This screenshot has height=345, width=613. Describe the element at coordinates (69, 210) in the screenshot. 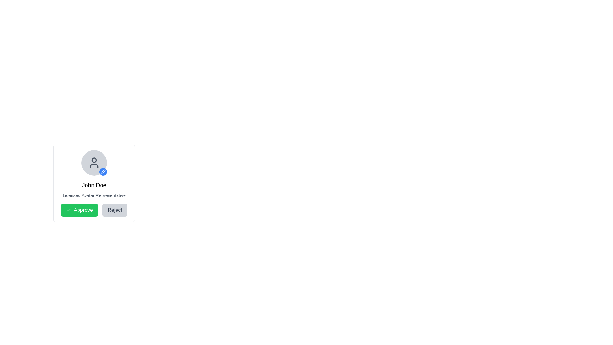

I see `the green checkmark SVG icon located inside the 'Approve' button at the bottom-left of the card layout` at that location.